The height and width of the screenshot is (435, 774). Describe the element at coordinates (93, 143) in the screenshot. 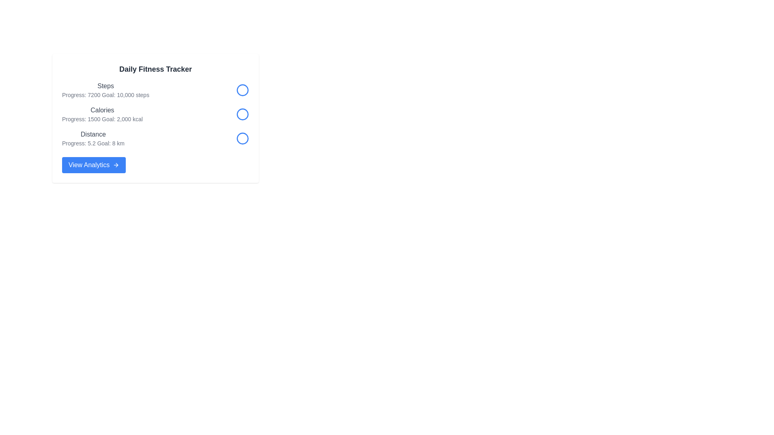

I see `the Text Display element that shows 'Progress: 5.2 Goal: 8 km', which is located directly below the 'Distance' heading in the 'Daily Fitness Tracker' card` at that location.